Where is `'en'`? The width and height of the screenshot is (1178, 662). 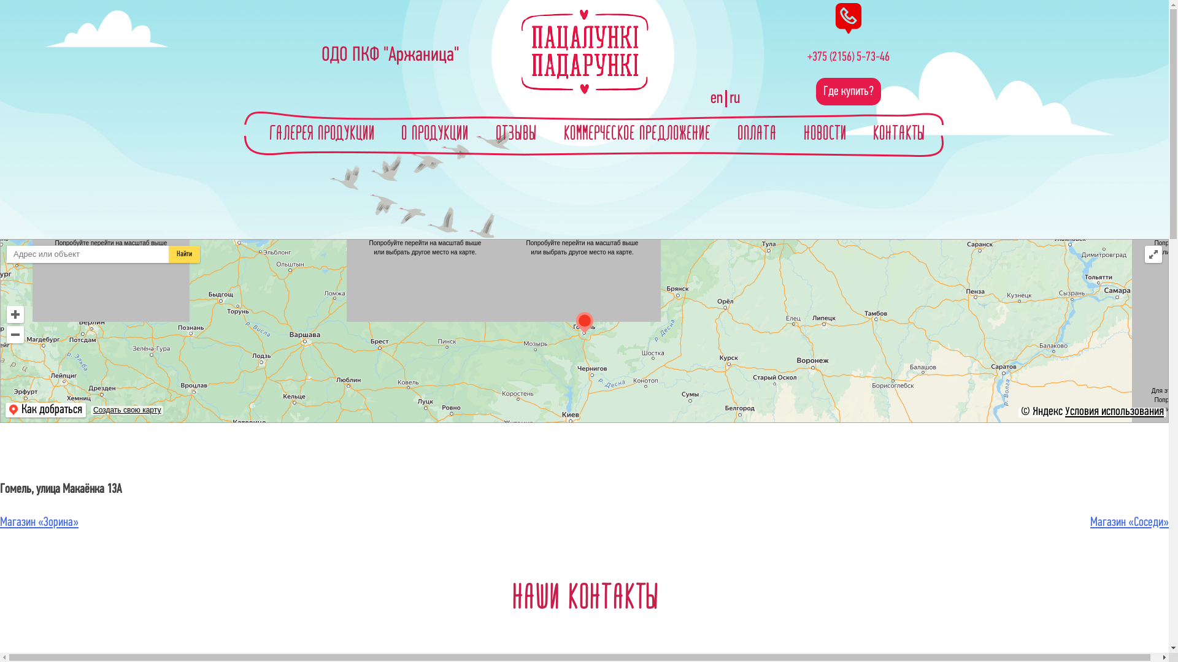 'en' is located at coordinates (718, 98).